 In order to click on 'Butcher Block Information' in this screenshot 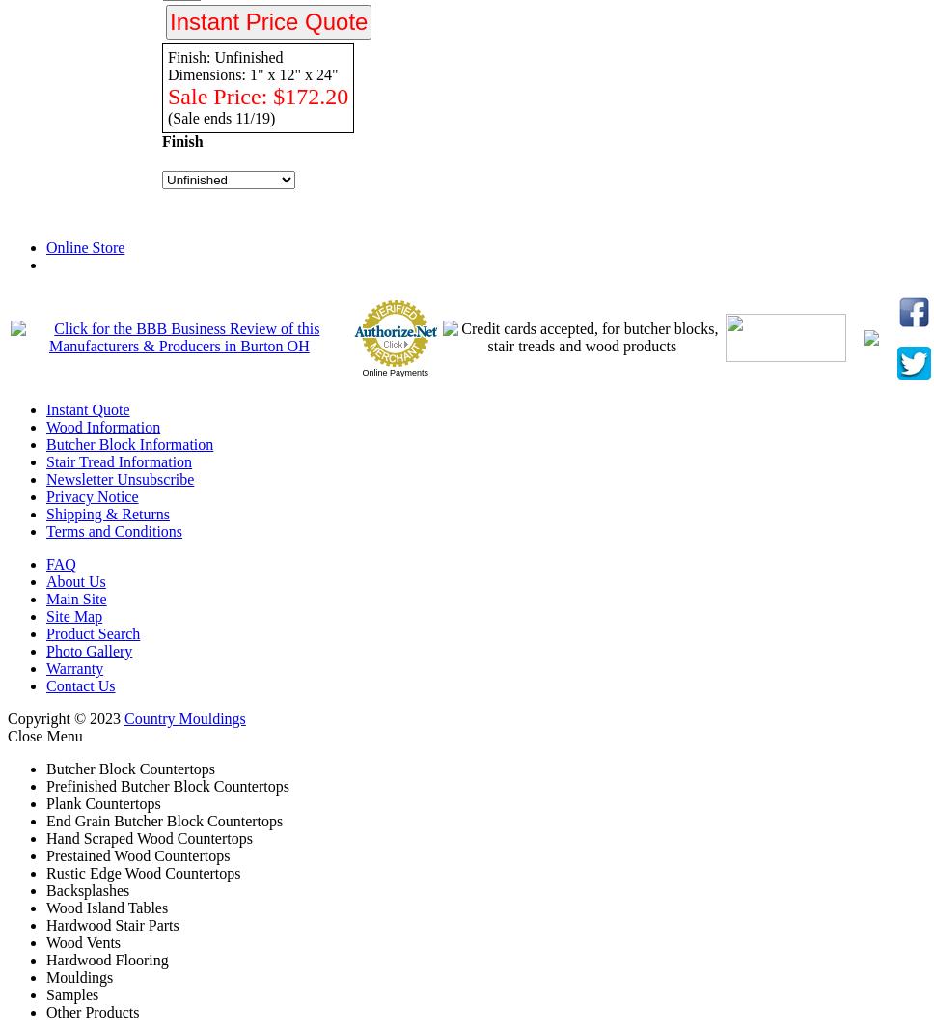, I will do `click(45, 443)`.